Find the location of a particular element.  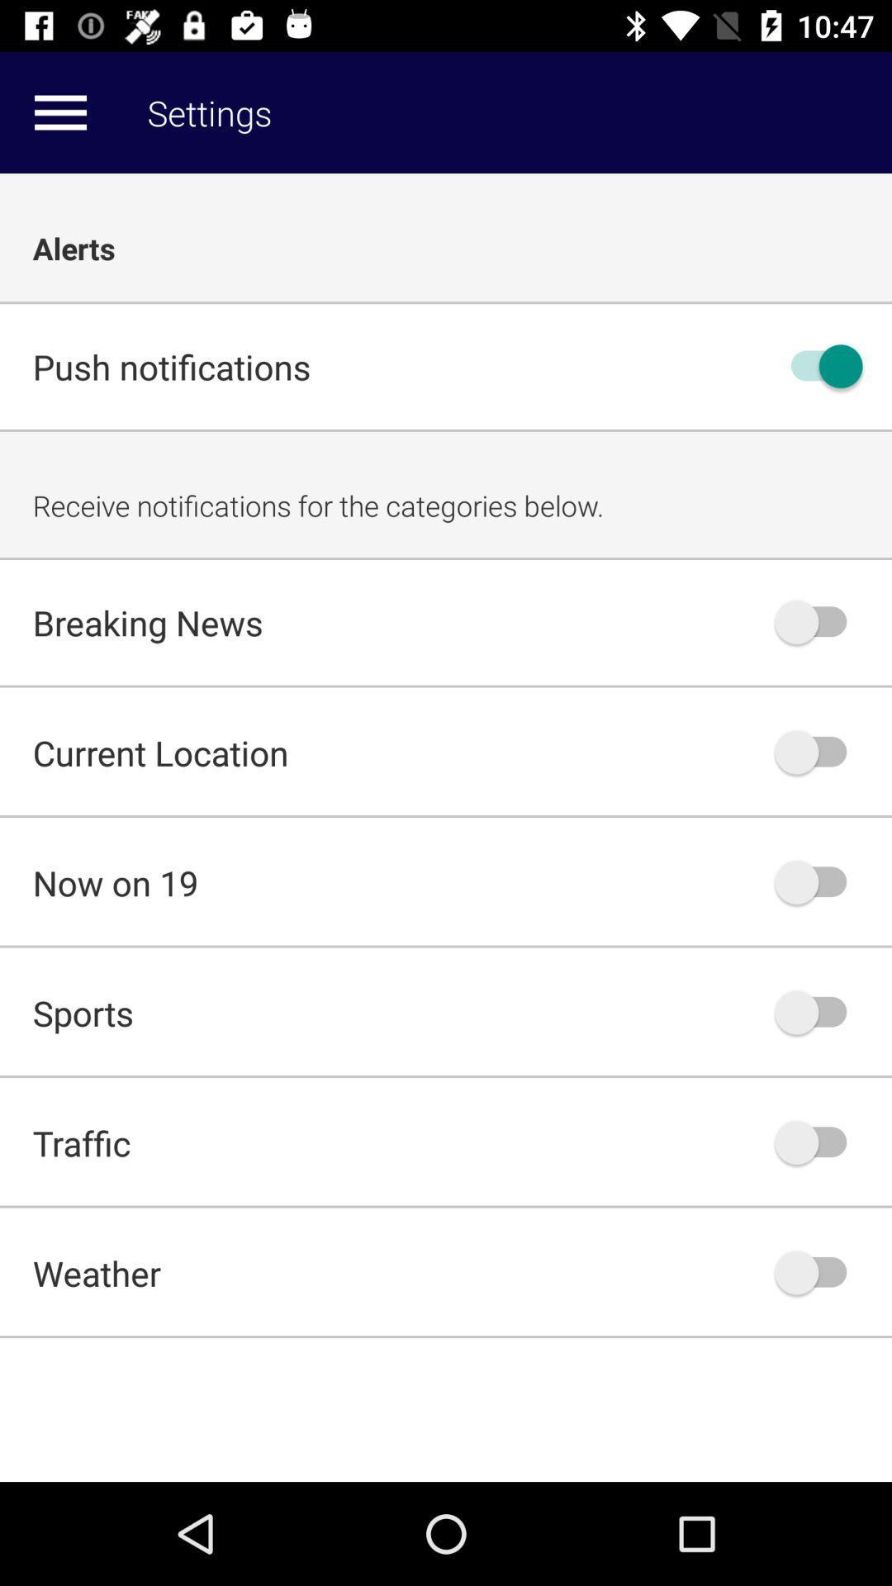

item next to settings item is located at coordinates (59, 112).